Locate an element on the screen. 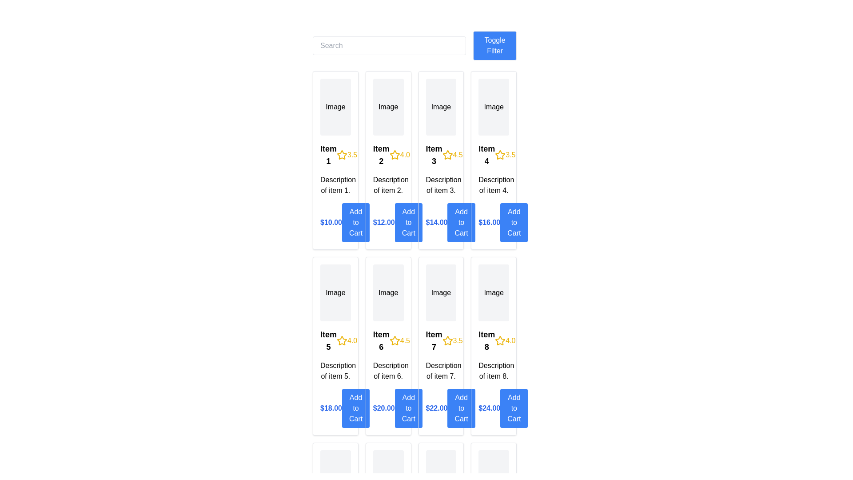  text displayed in the label located in the second row and third column of the item card, positioned above the item's description and left of the rating and star icons is located at coordinates (434, 154).